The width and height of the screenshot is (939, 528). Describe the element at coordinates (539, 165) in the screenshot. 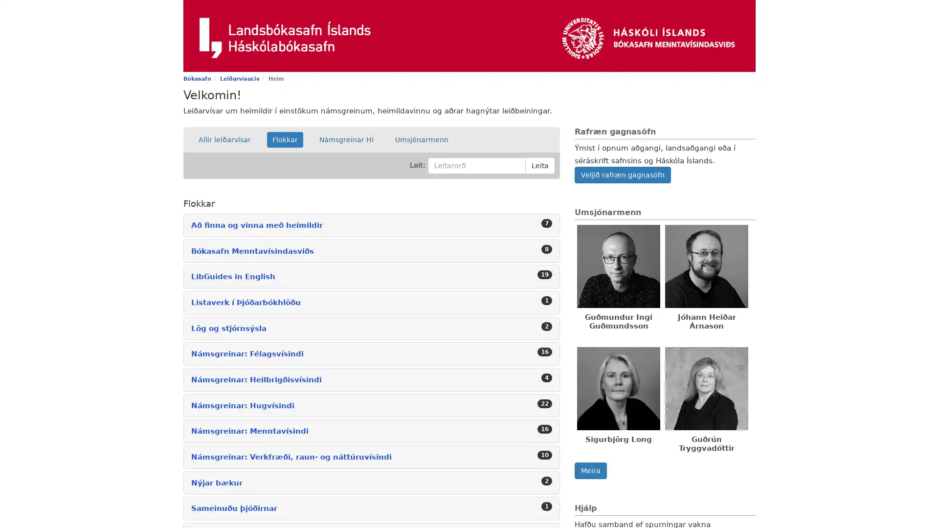

I see `Leita` at that location.